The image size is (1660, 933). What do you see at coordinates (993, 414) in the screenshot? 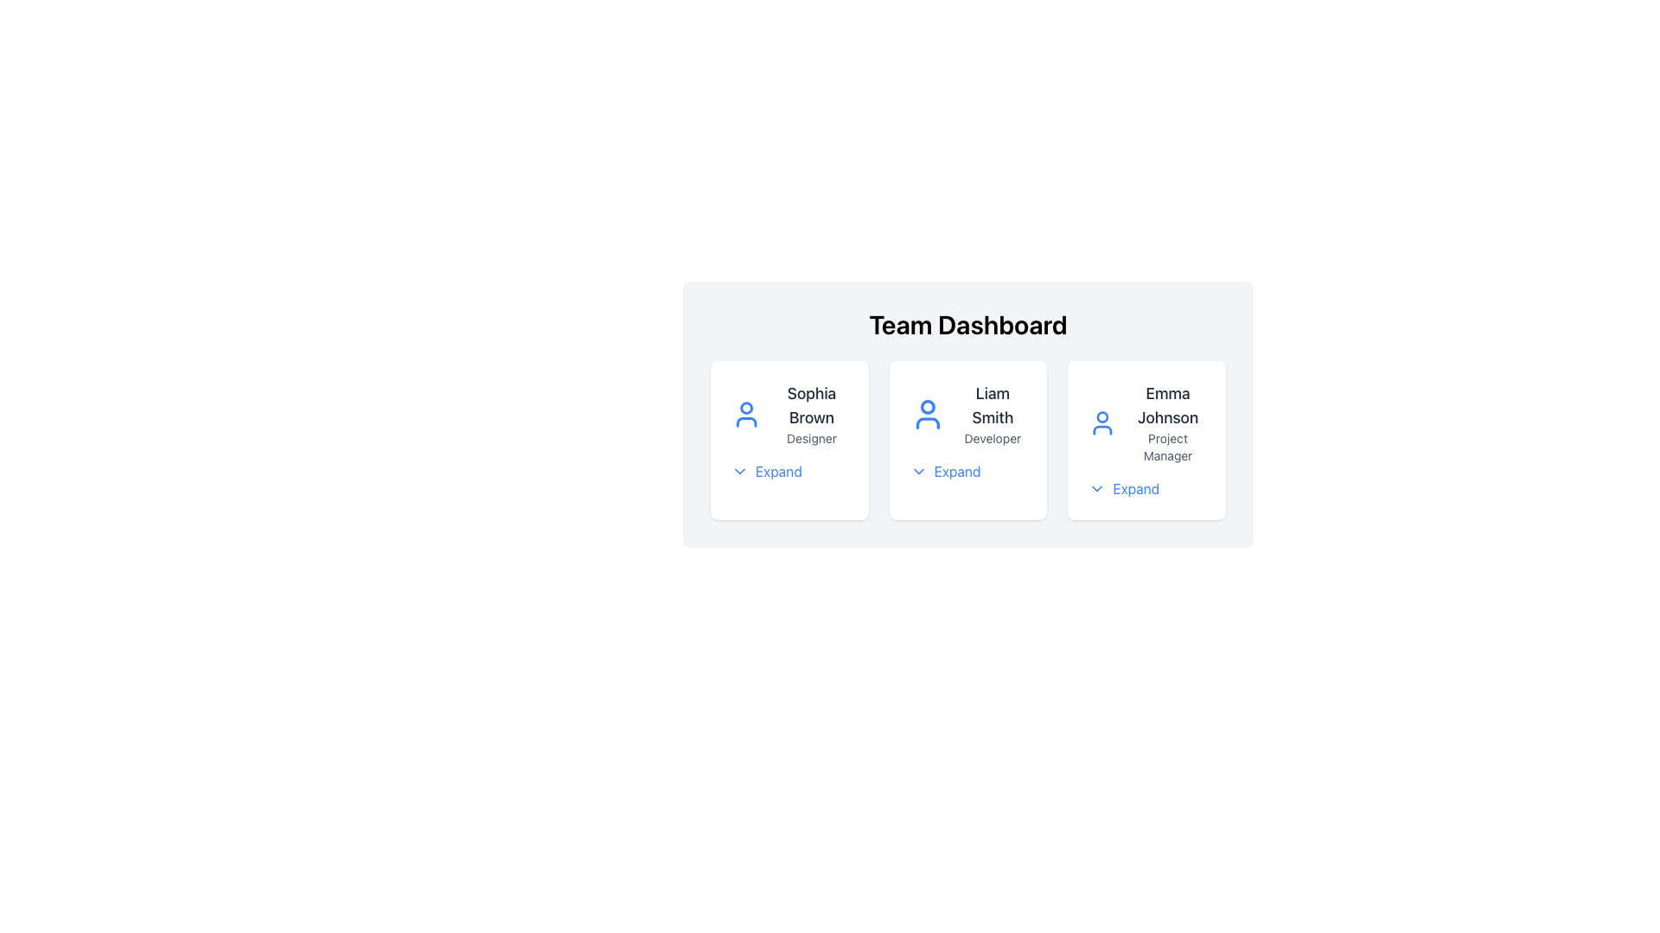
I see `the static text element displaying 'Liam Smith' and 'Developer' located within the second card under 'Team Dashboard'` at bounding box center [993, 414].